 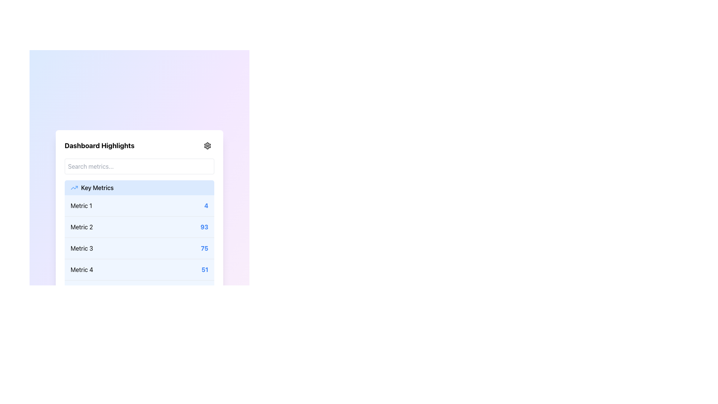 What do you see at coordinates (205, 248) in the screenshot?
I see `the static text component displaying the value '75' associated with the 'Metric 3' label in the 'Key Metrics' section` at bounding box center [205, 248].